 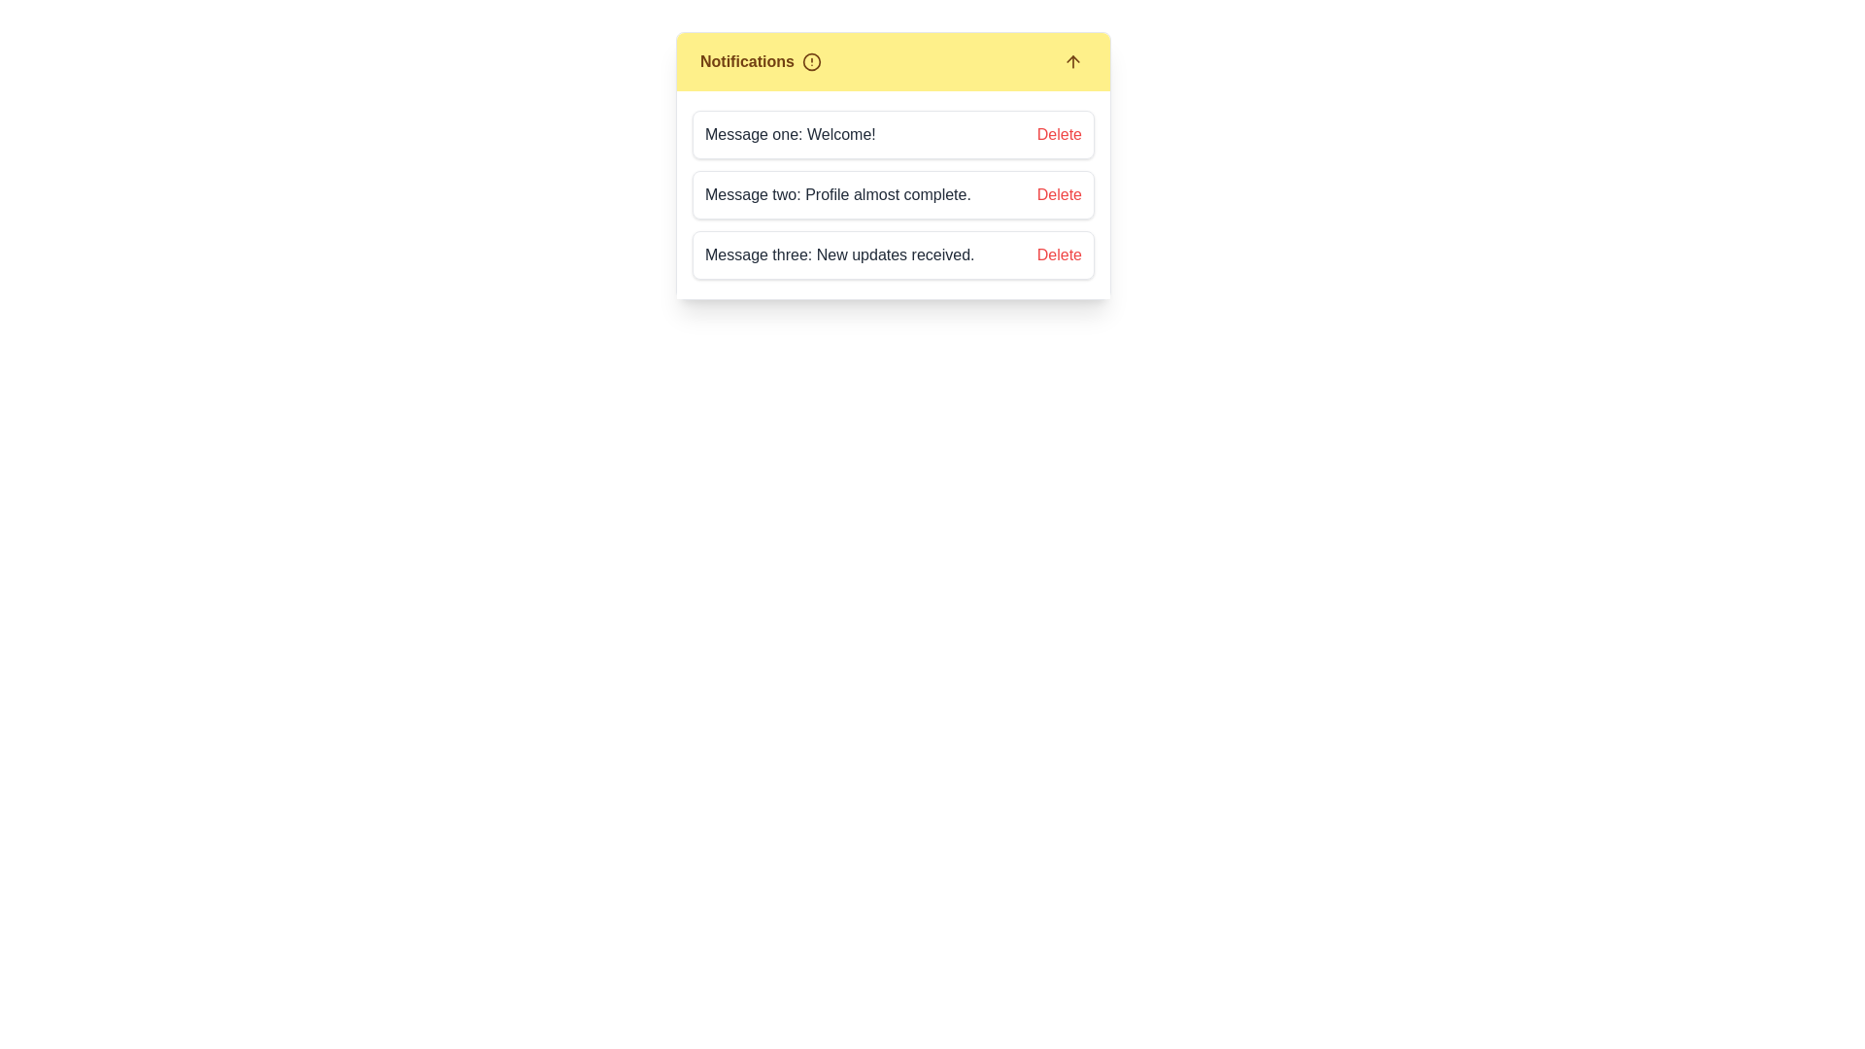 What do you see at coordinates (794, 133) in the screenshot?
I see `the static text label displaying the content of a notification message located on the left side within the first notification card of the notification dropdown` at bounding box center [794, 133].